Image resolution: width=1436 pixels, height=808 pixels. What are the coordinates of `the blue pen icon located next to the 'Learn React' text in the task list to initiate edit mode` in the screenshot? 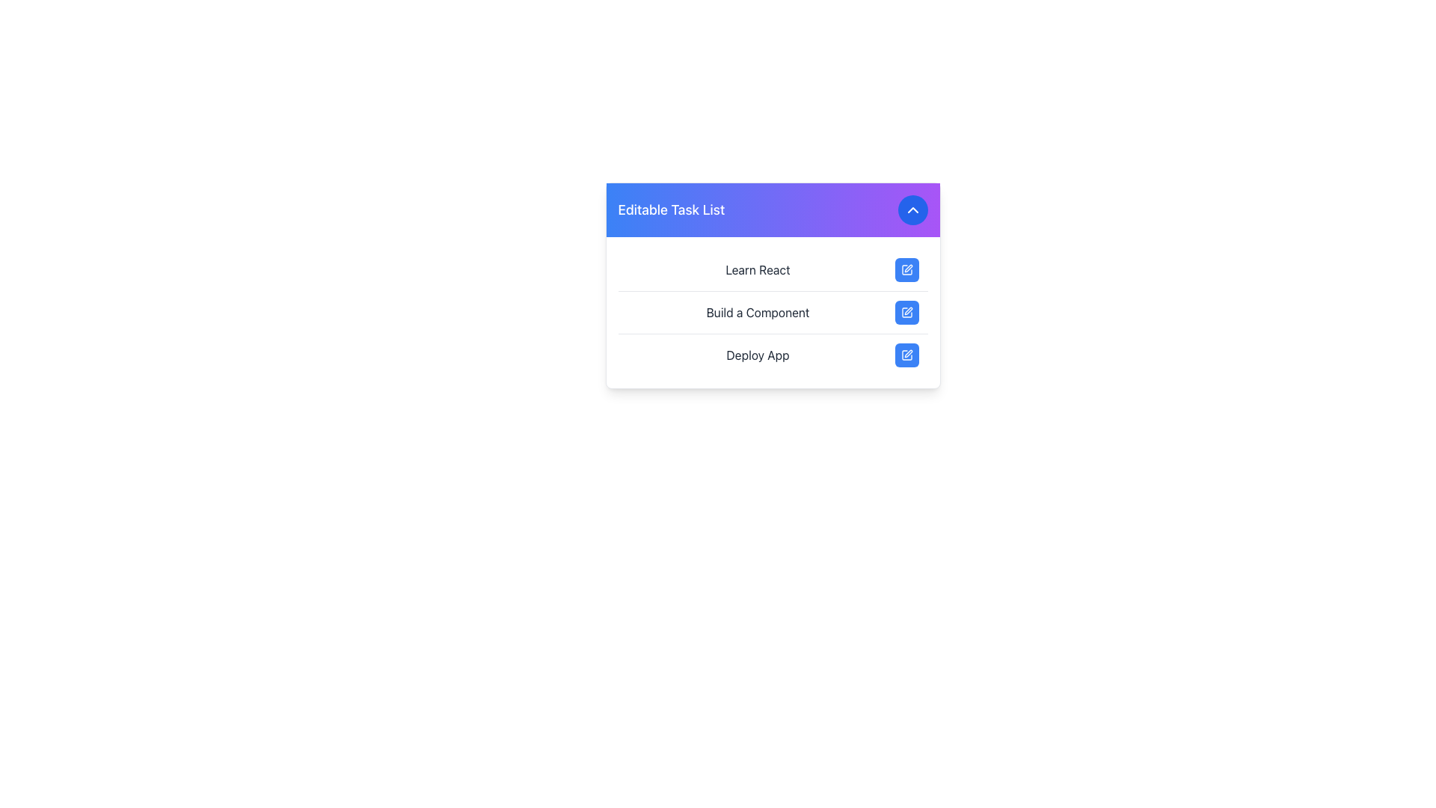 It's located at (907, 267).